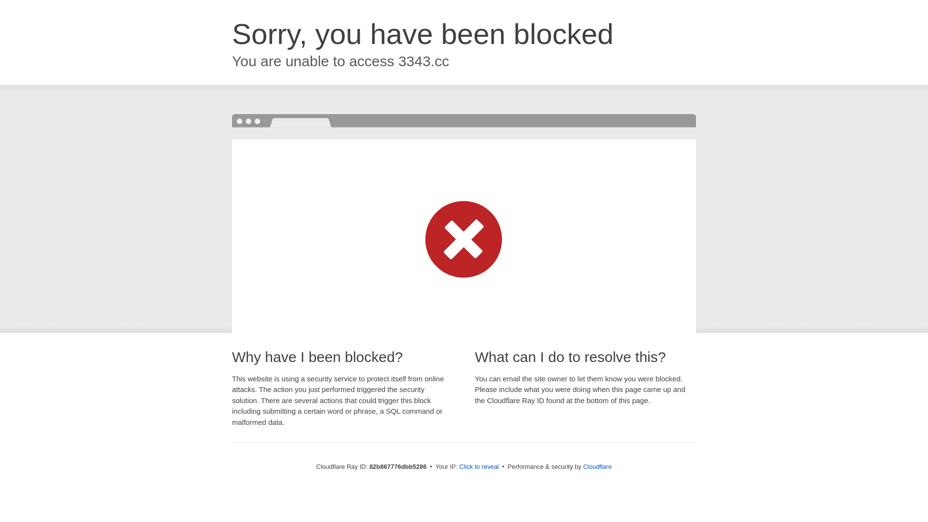 The width and height of the screenshot is (928, 522). What do you see at coordinates (478, 466) in the screenshot?
I see `'Click to reveal'` at bounding box center [478, 466].